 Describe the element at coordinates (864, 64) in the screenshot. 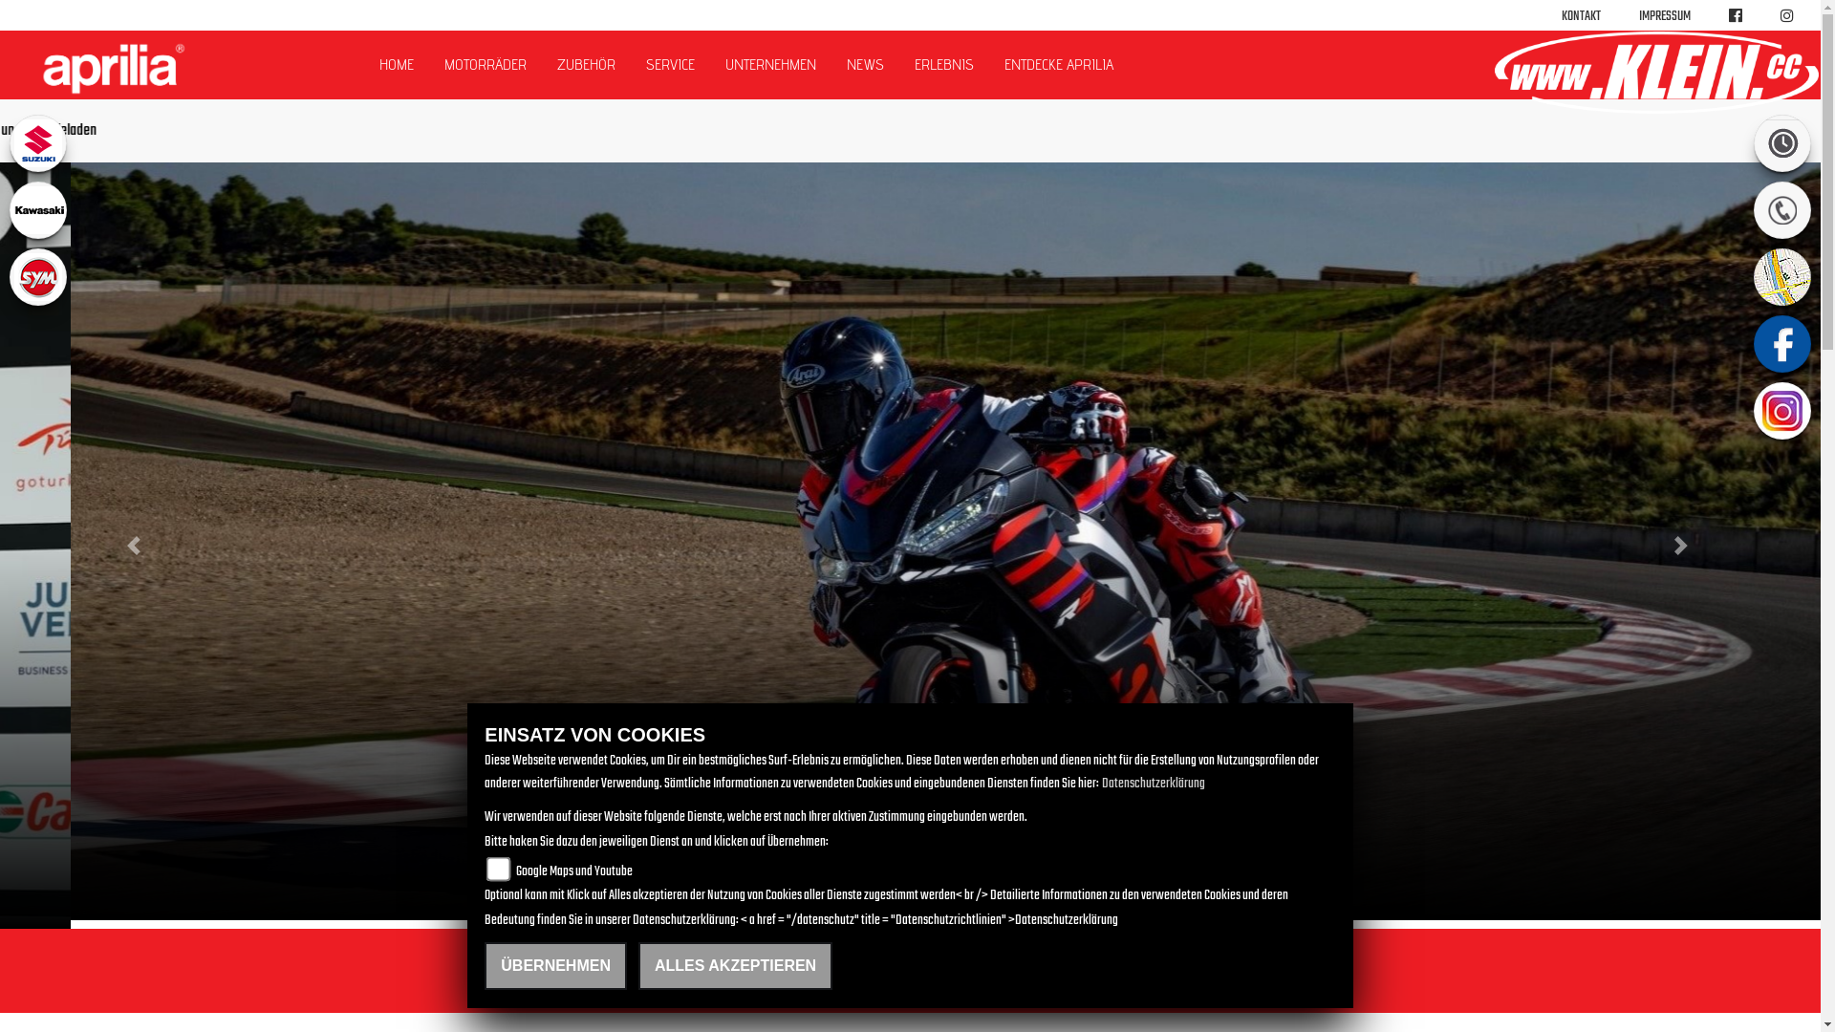

I see `'NEWS'` at that location.